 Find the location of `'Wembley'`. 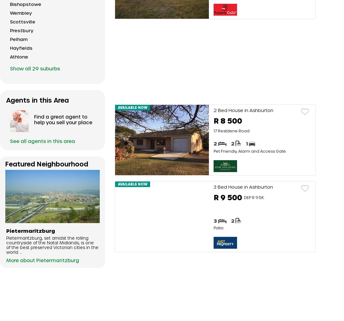

'Wembley' is located at coordinates (20, 13).